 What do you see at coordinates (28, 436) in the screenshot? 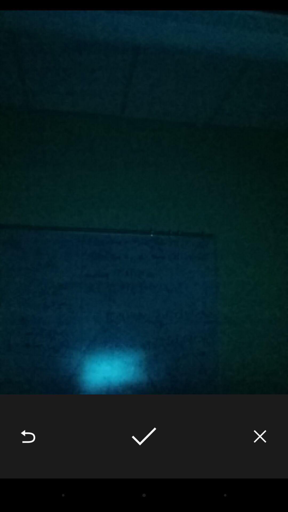
I see `the icon at the bottom left corner` at bounding box center [28, 436].